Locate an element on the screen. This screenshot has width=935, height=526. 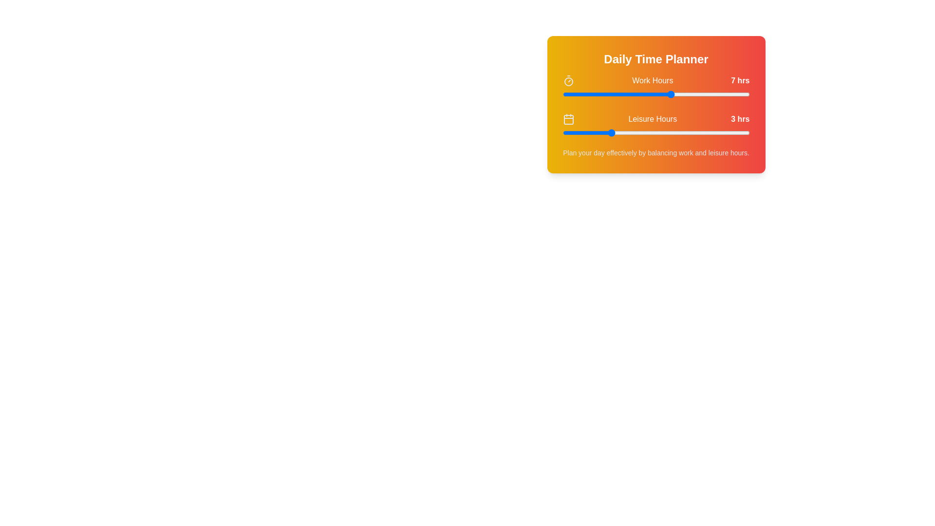
the text label that reads 'Plan your day effectively by balancing work and leisure hours.' positioned at the bottom of a gradient card is located at coordinates (656, 152).